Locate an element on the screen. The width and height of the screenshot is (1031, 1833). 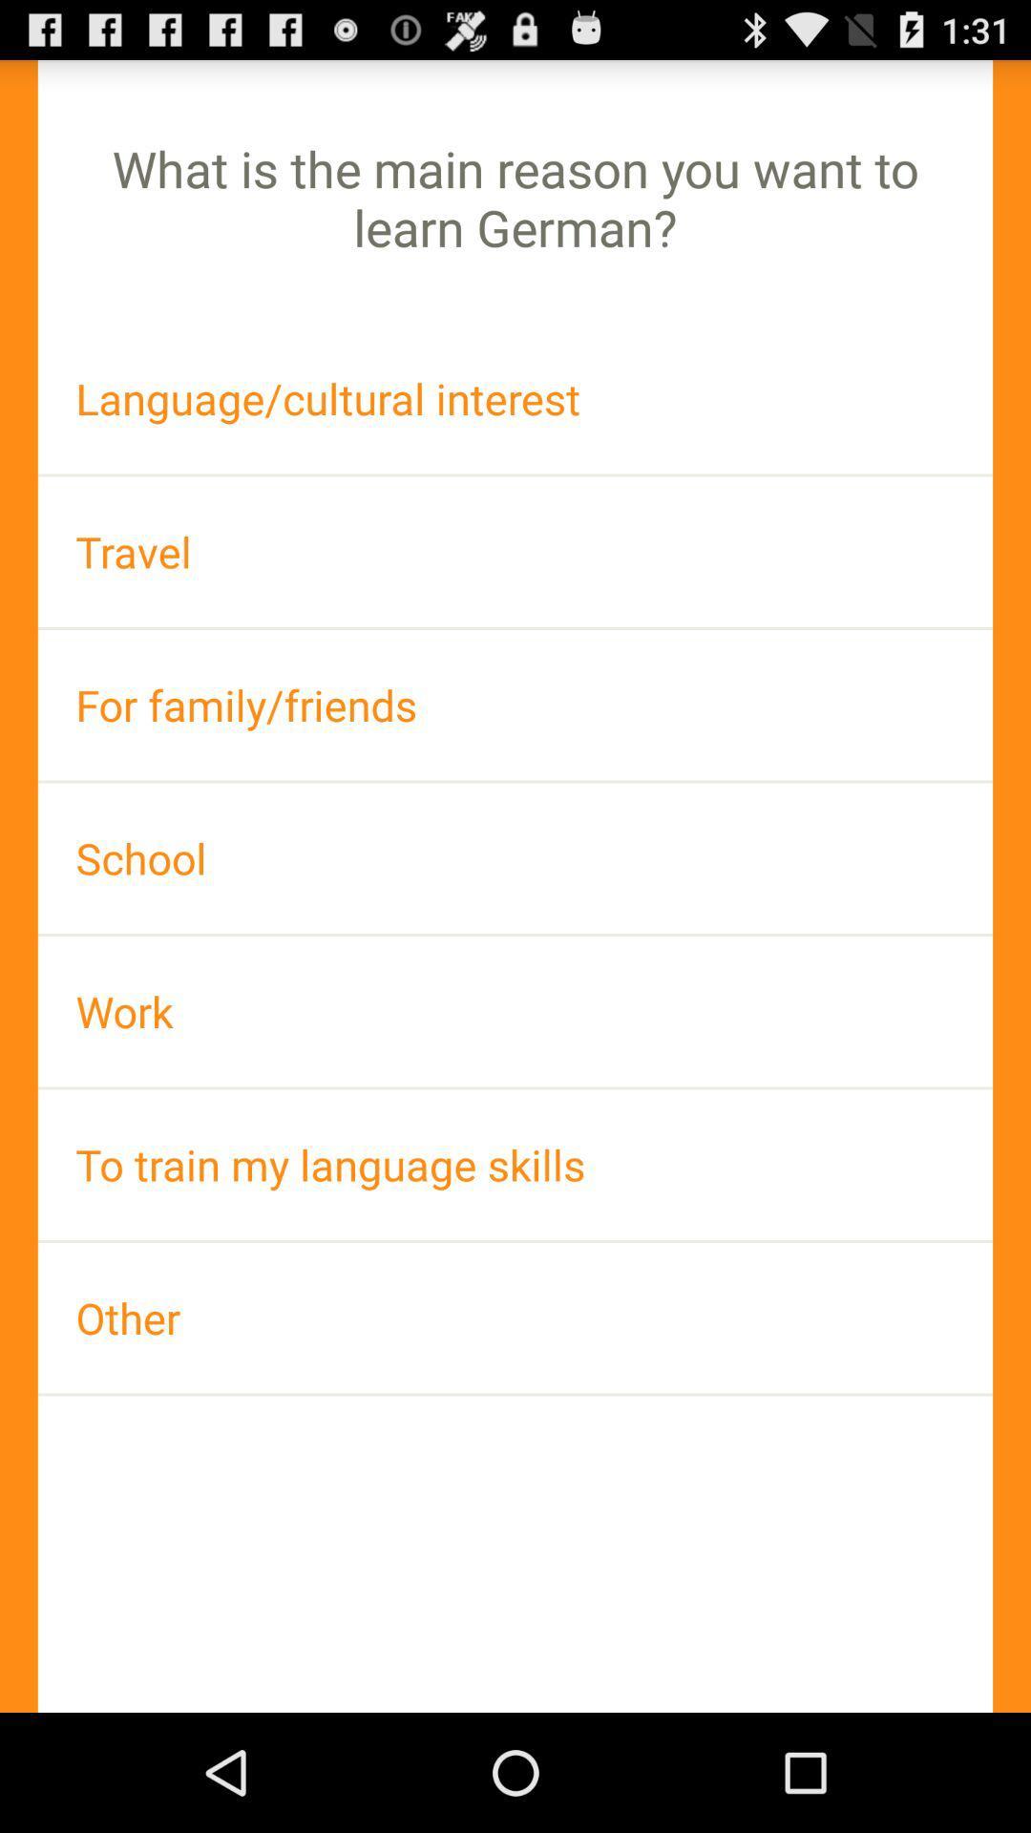
other app is located at coordinates (515, 1317).